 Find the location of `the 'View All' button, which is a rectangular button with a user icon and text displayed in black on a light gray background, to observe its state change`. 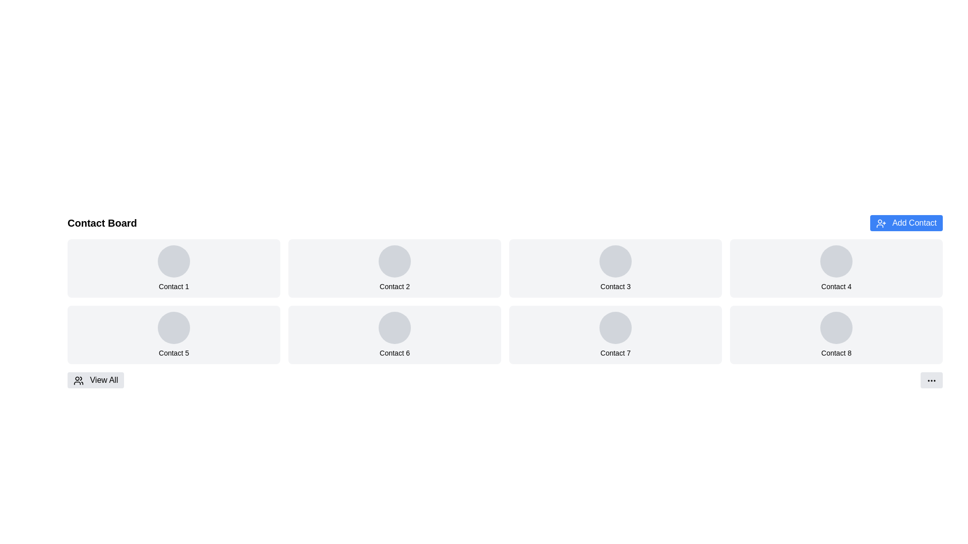

the 'View All' button, which is a rectangular button with a user icon and text displayed in black on a light gray background, to observe its state change is located at coordinates (96, 380).